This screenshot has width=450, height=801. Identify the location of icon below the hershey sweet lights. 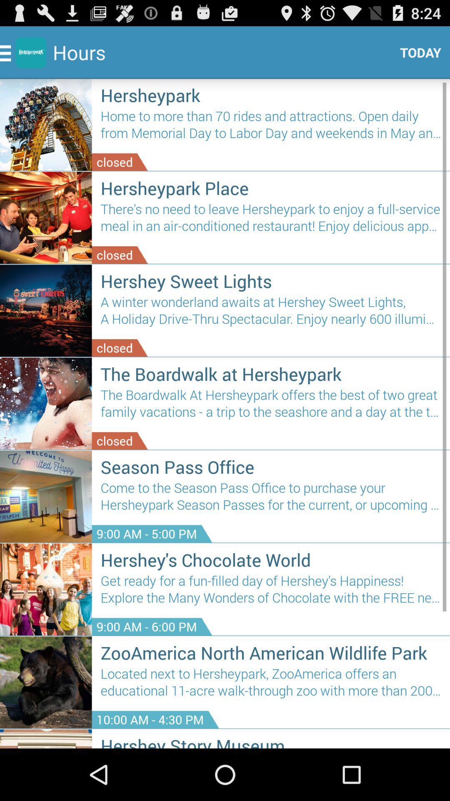
(271, 313).